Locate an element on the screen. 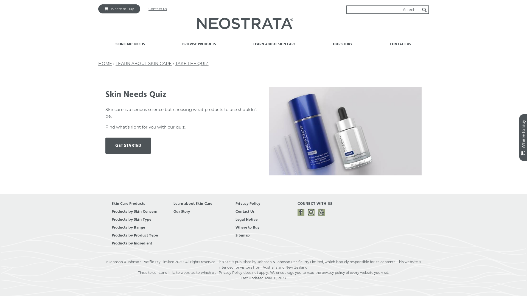 Image resolution: width=527 pixels, height=296 pixels. 'LEARN ABOUT SKIN CARE' is located at coordinates (144, 63).